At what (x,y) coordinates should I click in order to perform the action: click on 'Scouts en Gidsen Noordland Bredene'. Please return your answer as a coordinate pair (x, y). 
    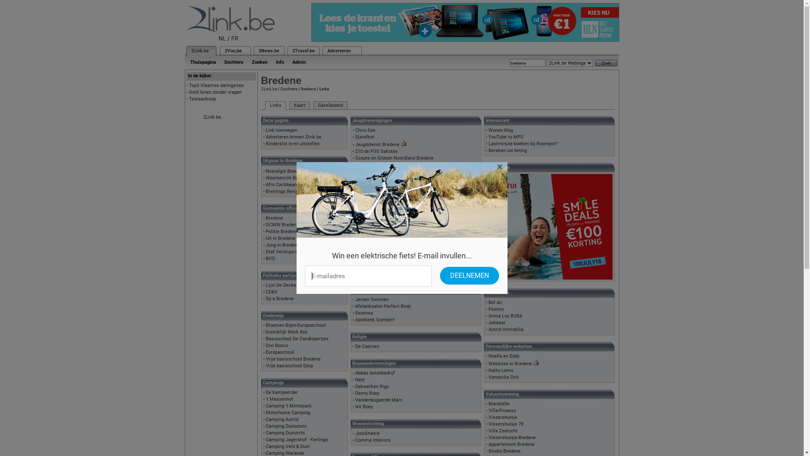
    Looking at the image, I should click on (394, 158).